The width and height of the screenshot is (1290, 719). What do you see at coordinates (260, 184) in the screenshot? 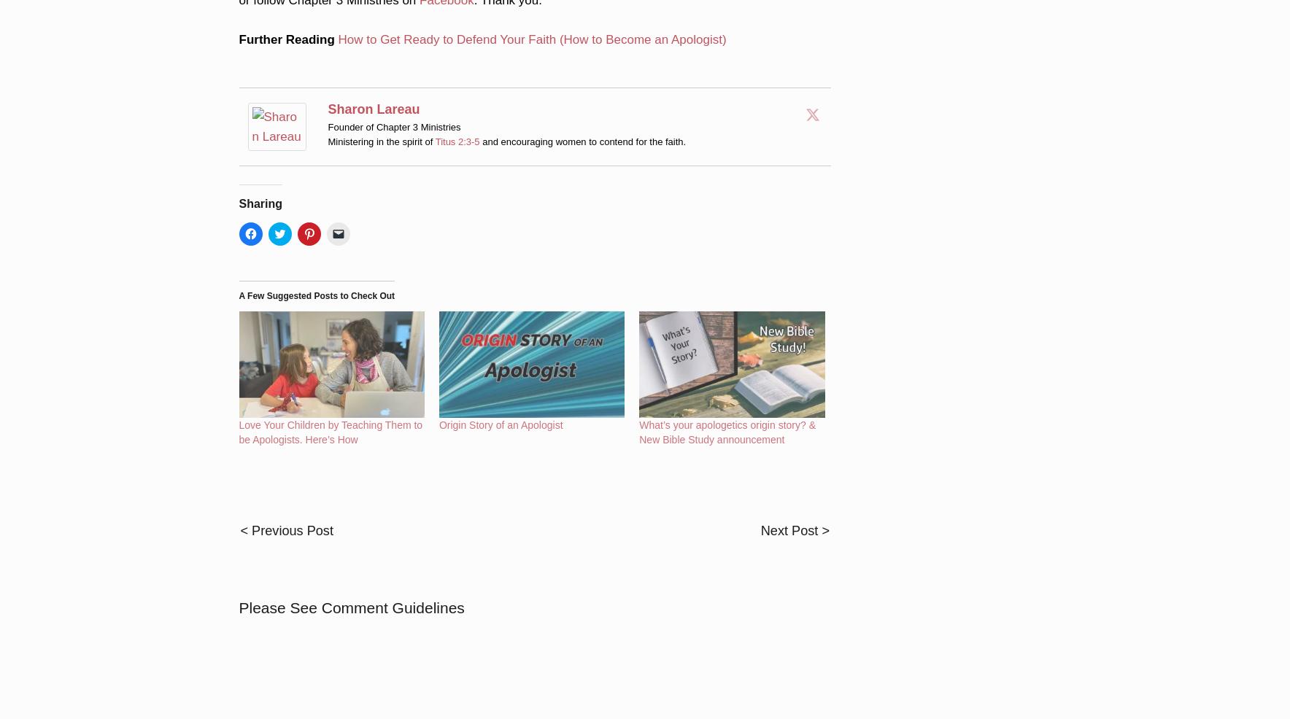
I see `'Sharing'` at bounding box center [260, 184].